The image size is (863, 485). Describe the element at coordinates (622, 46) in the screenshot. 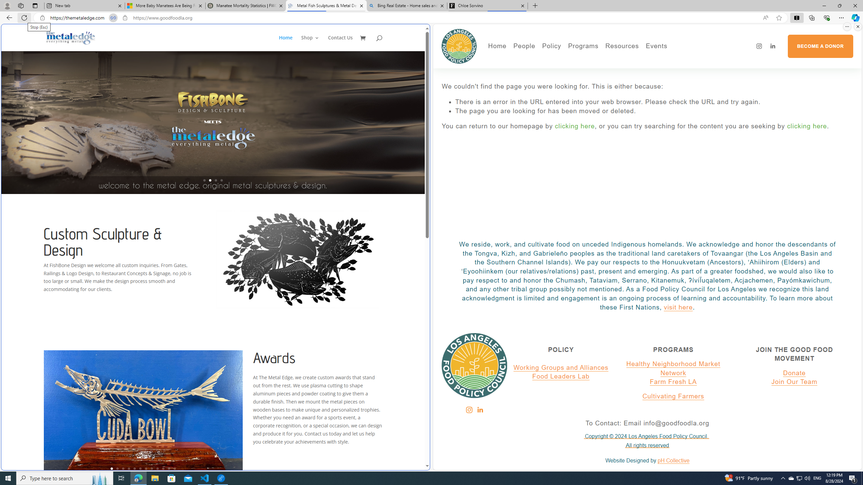

I see `'Resources'` at that location.